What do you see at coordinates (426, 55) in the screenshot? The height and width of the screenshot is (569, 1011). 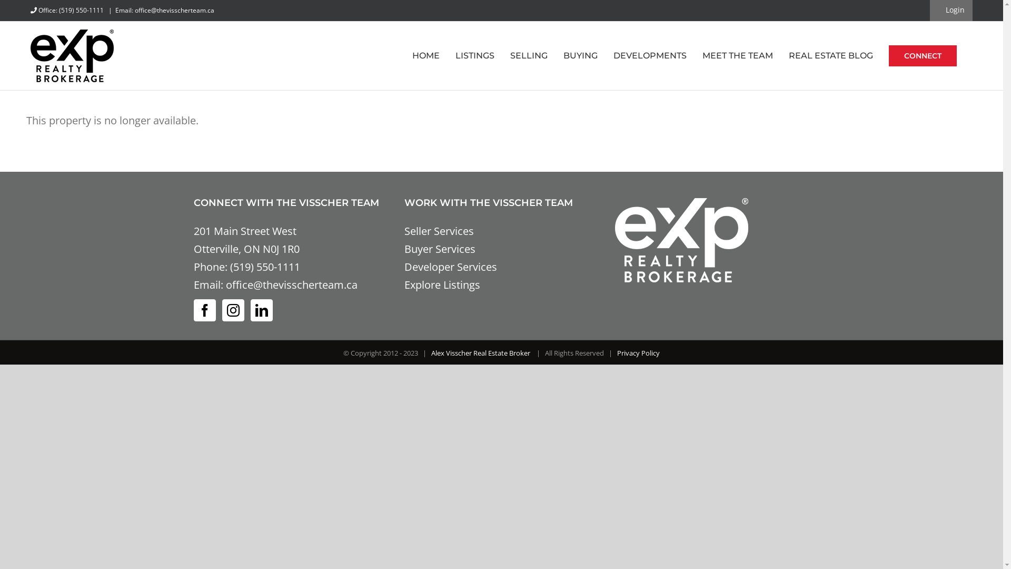 I see `'HOME'` at bounding box center [426, 55].